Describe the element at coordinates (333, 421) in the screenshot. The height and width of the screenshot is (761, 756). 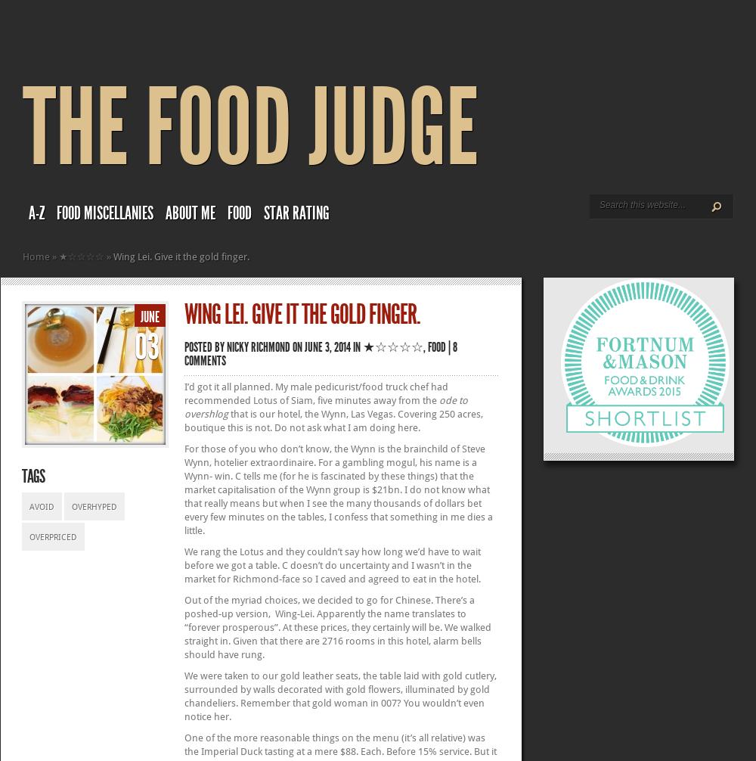
I see `'that is our hotel, the Wynn, Las Vegas. Covering 250 acres, boutique this is not. Do not ask what I am doing here.'` at that location.